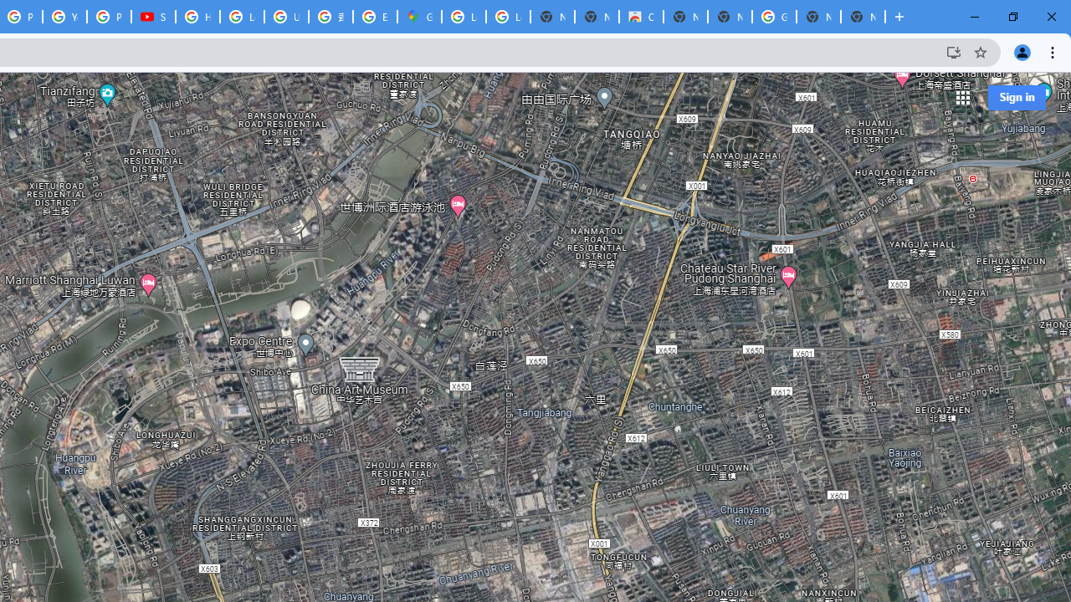  What do you see at coordinates (640, 17) in the screenshot?
I see `'Chrome Web Store'` at bounding box center [640, 17].